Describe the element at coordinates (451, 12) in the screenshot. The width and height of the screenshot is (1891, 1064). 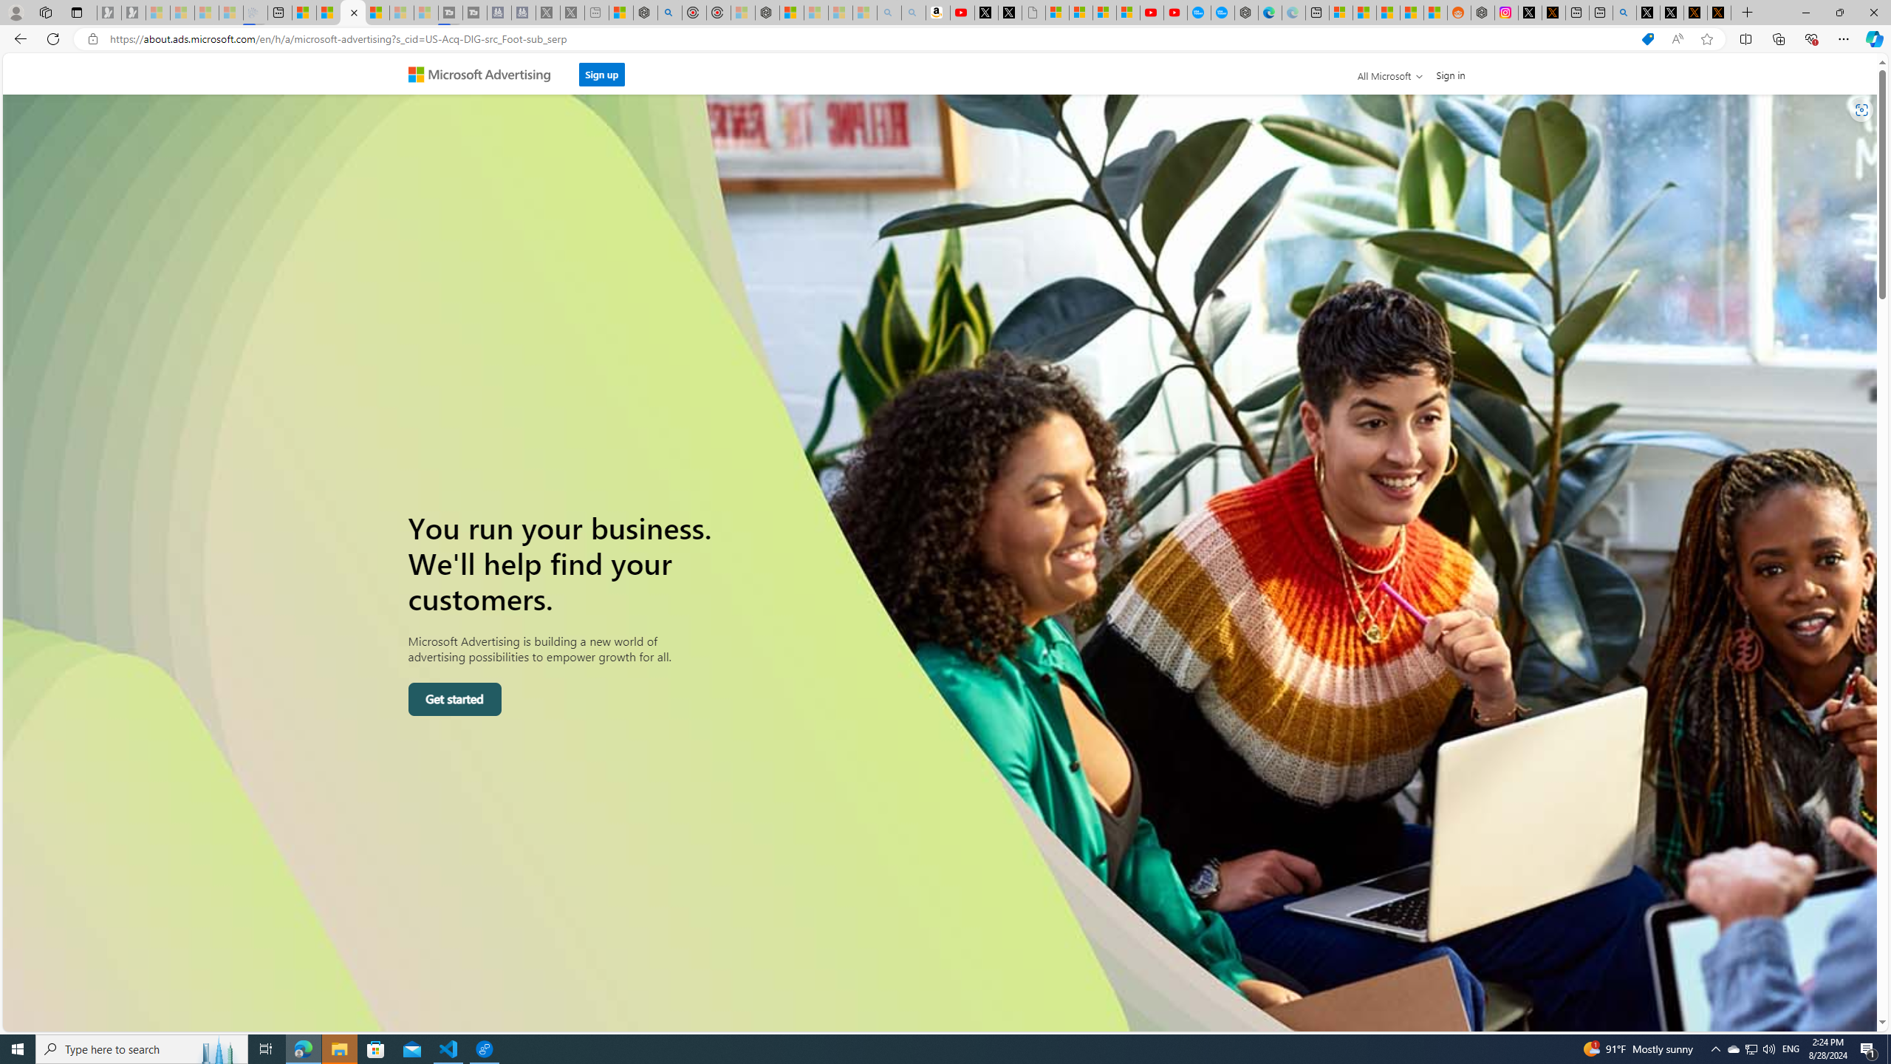
I see `'Streaming Coverage | T3 - Sleeping'` at that location.